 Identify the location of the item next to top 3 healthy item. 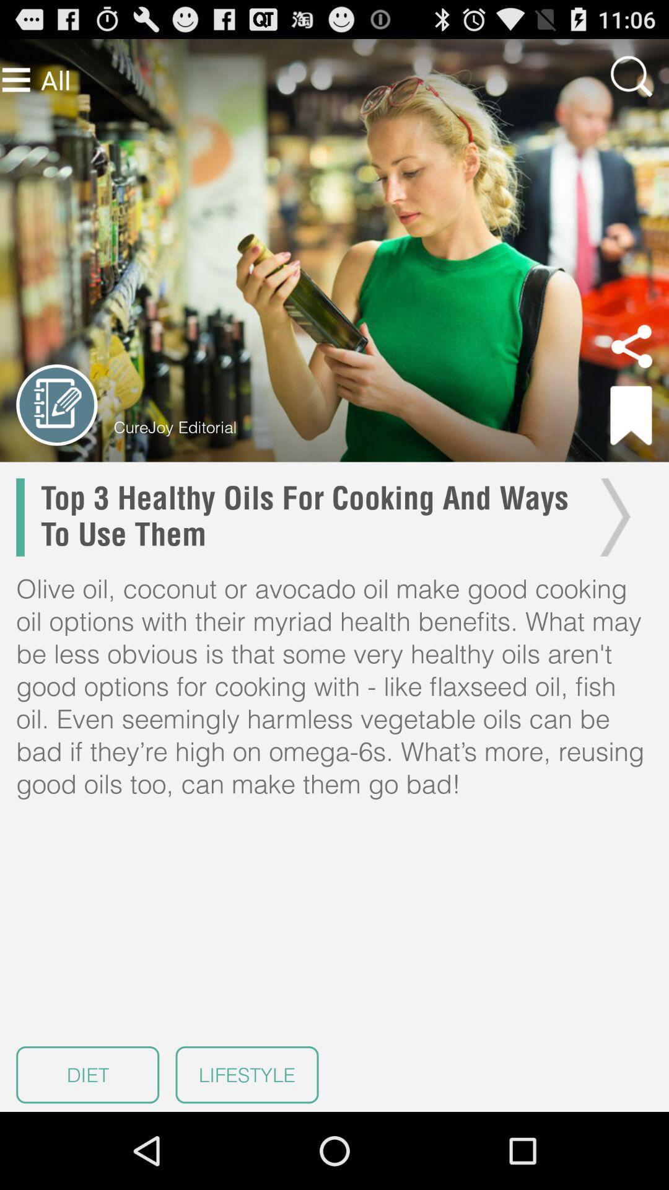
(611, 517).